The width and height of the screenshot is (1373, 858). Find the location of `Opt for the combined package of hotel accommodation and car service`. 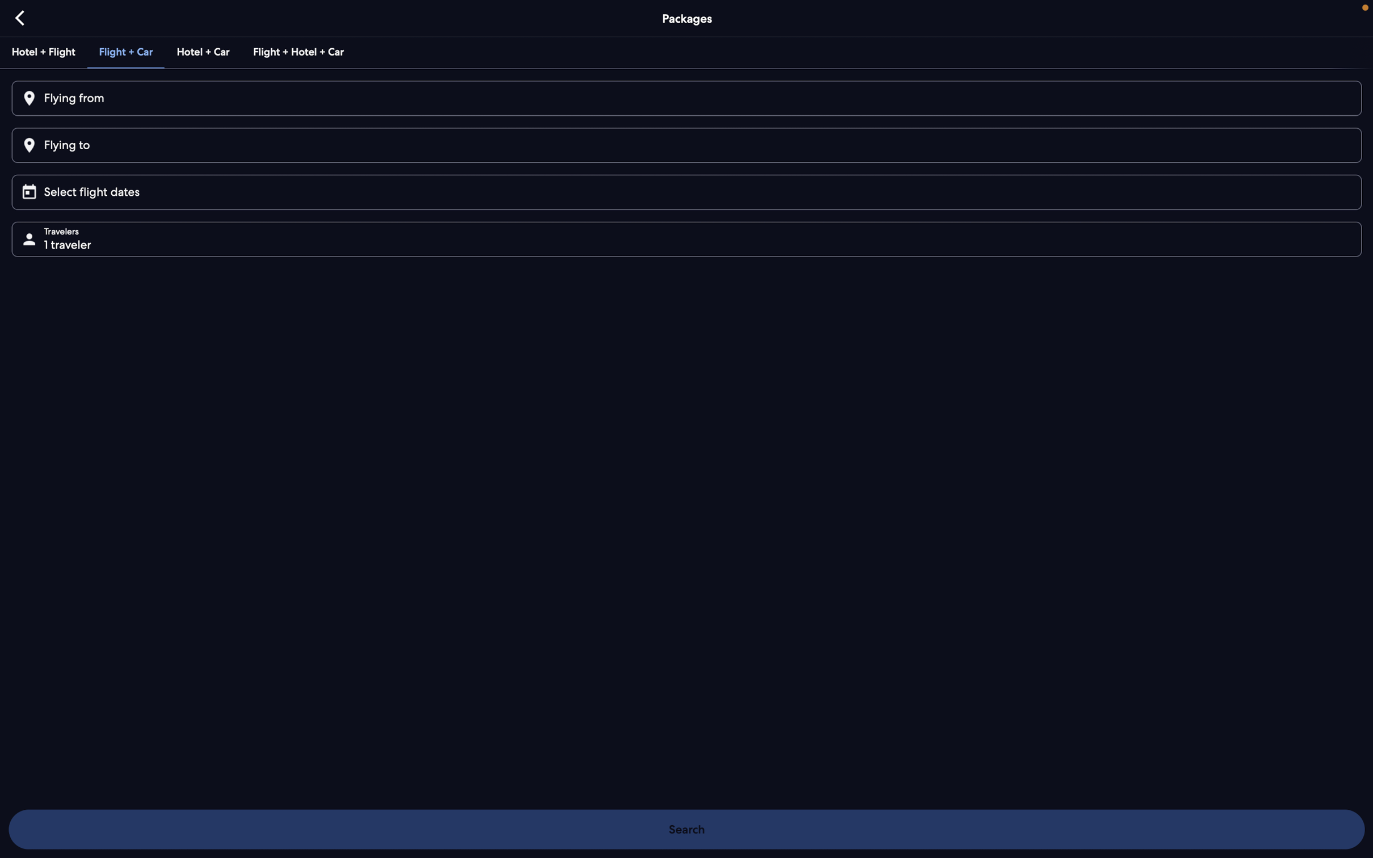

Opt for the combined package of hotel accommodation and car service is located at coordinates (203, 50).